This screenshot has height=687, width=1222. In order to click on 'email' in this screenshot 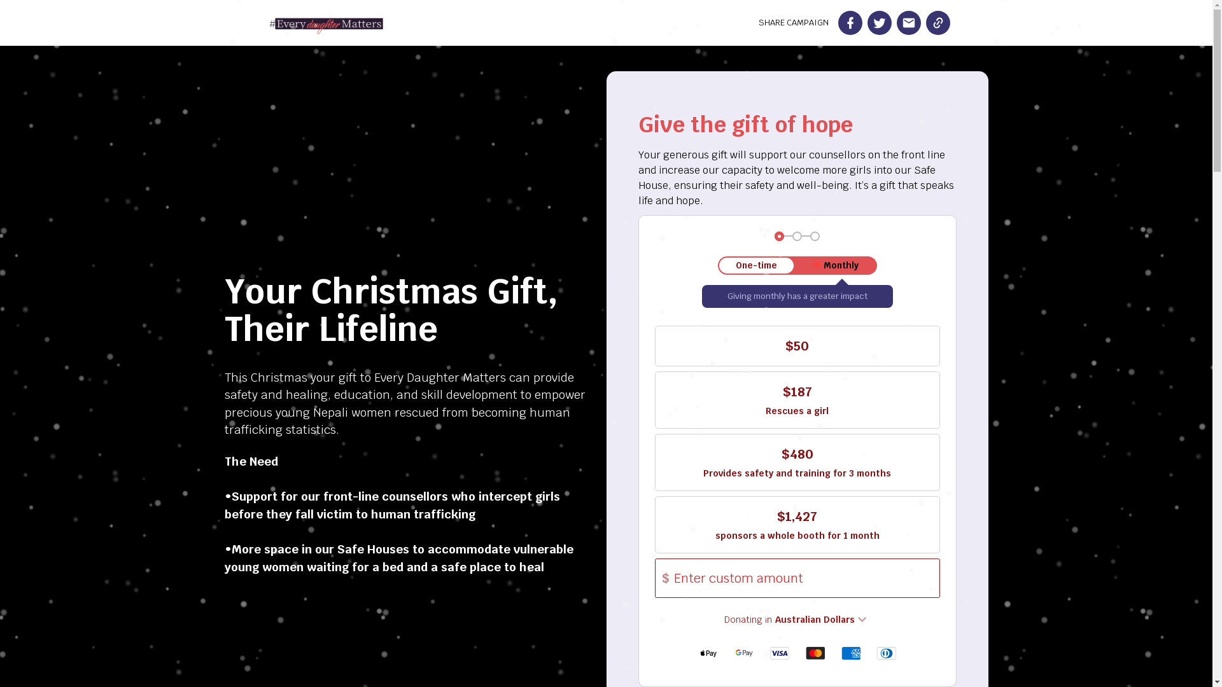, I will do `click(907, 22)`.